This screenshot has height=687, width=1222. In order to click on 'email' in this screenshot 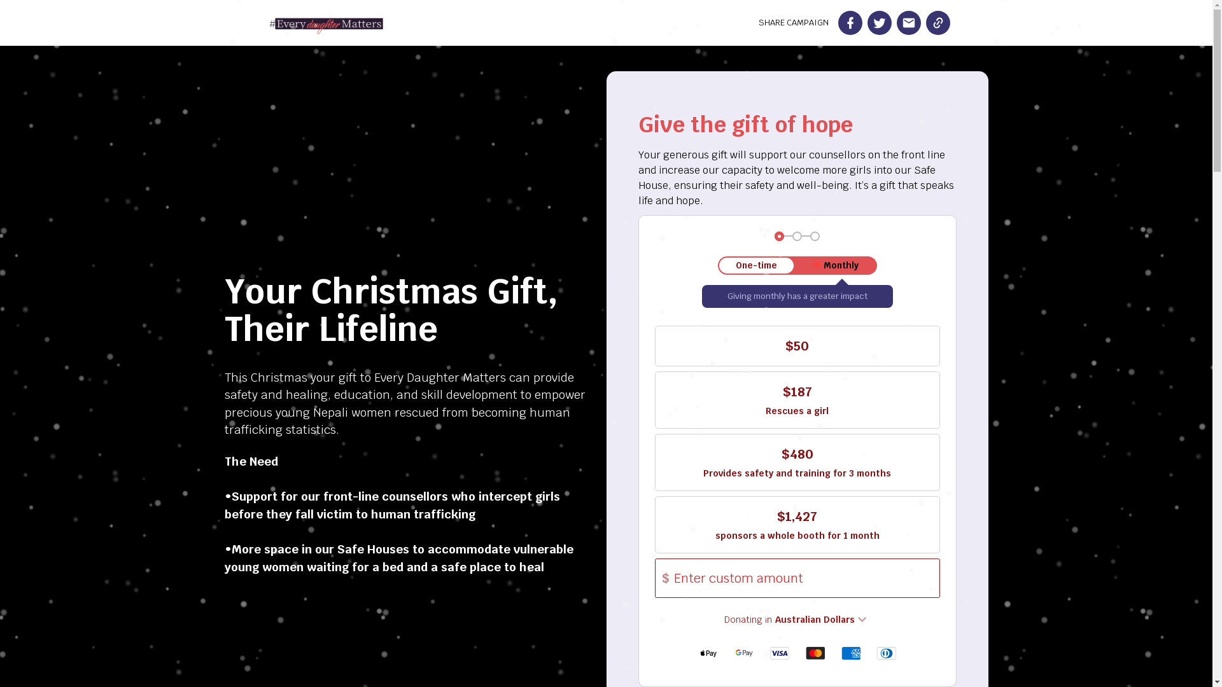, I will do `click(907, 22)`.